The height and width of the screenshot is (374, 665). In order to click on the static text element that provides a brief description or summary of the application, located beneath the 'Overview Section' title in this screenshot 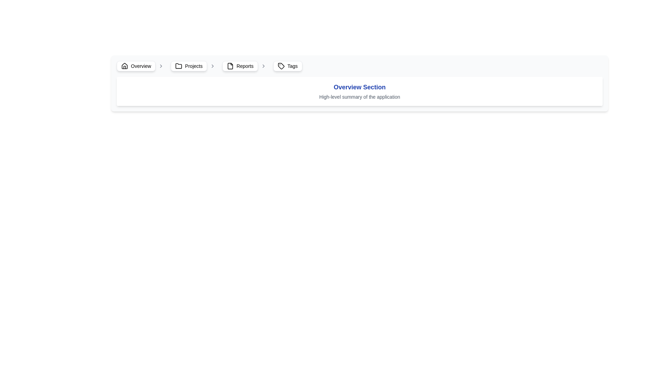, I will do `click(360, 97)`.